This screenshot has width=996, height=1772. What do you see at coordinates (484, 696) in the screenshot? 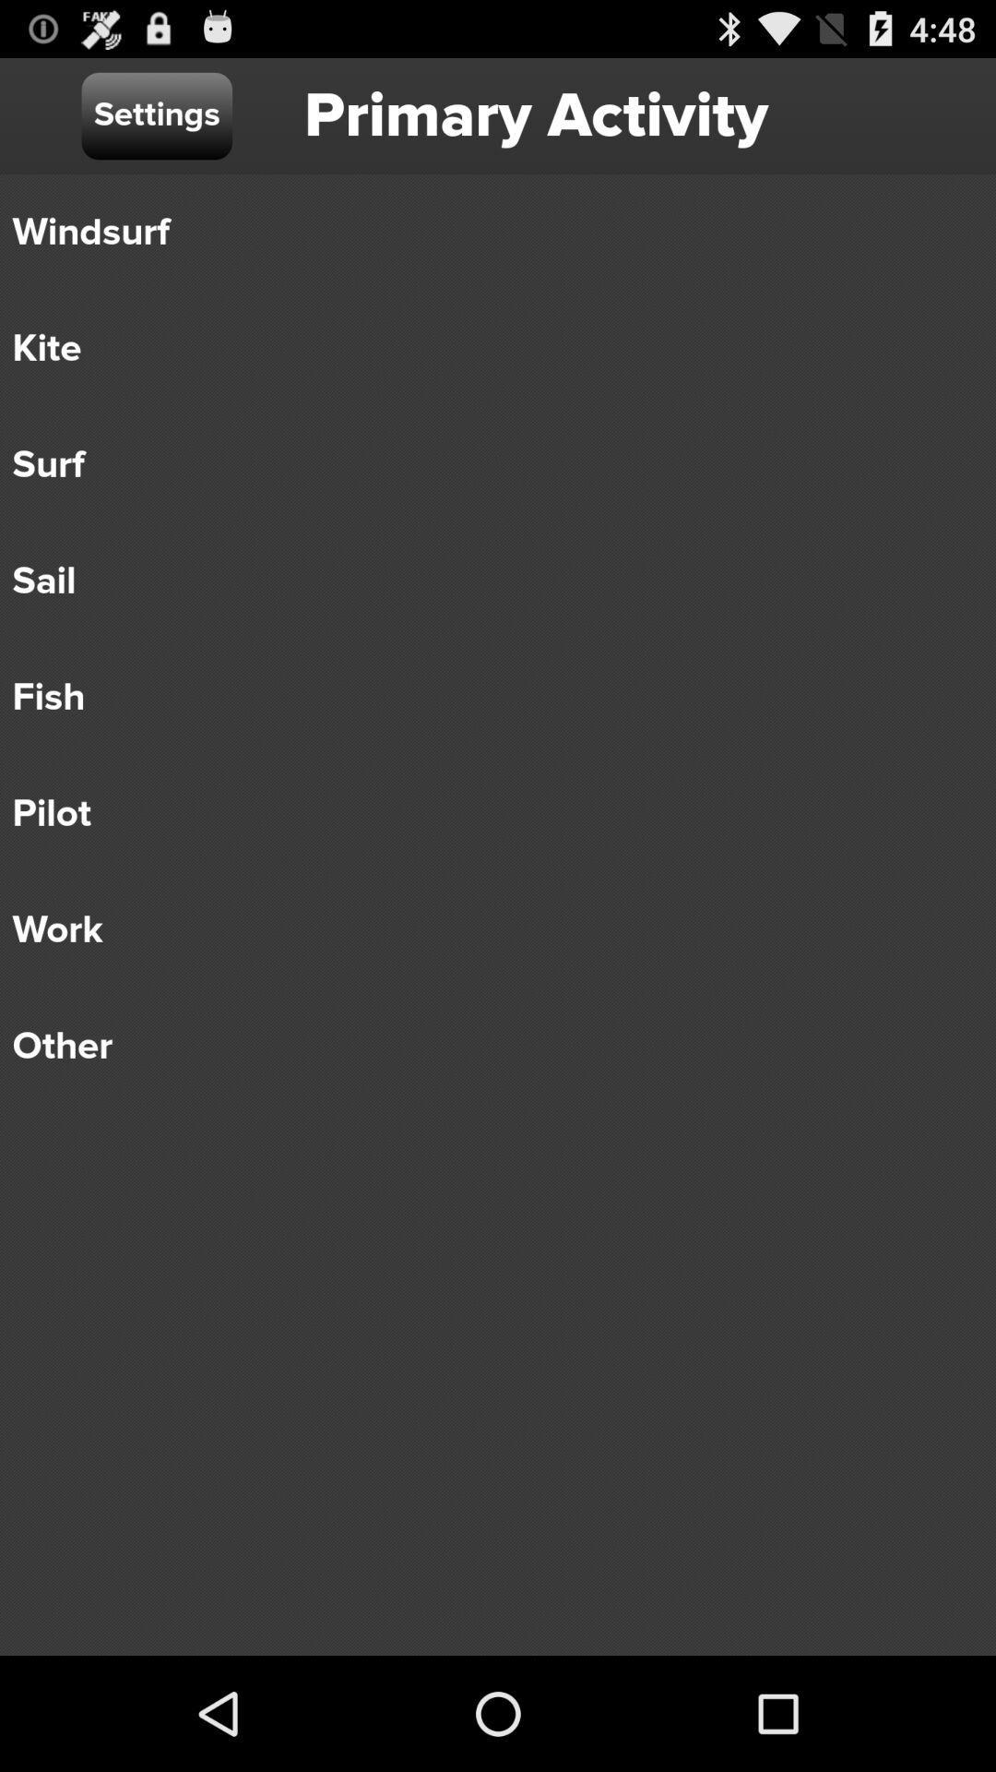
I see `the fish item` at bounding box center [484, 696].